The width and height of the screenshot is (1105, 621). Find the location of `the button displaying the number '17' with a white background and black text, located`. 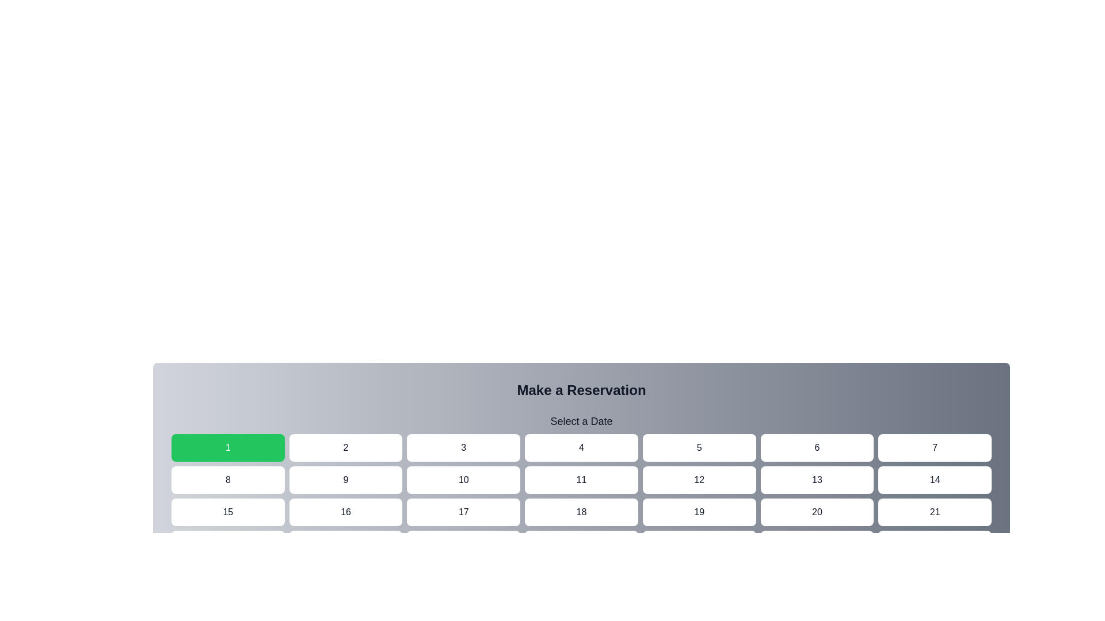

the button displaying the number '17' with a white background and black text, located is located at coordinates (463, 512).